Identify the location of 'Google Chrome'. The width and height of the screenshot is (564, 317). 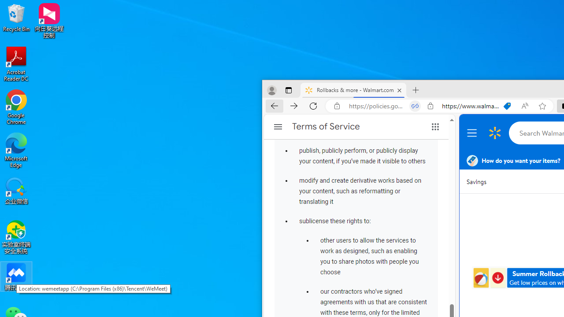
(16, 107).